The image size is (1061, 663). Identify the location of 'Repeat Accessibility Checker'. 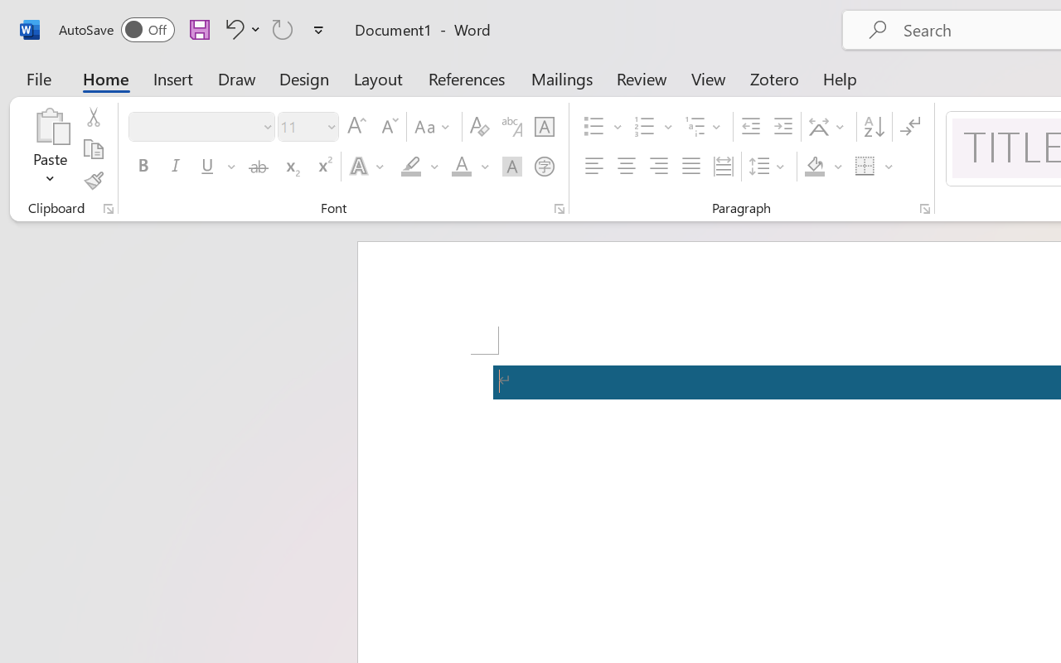
(283, 28).